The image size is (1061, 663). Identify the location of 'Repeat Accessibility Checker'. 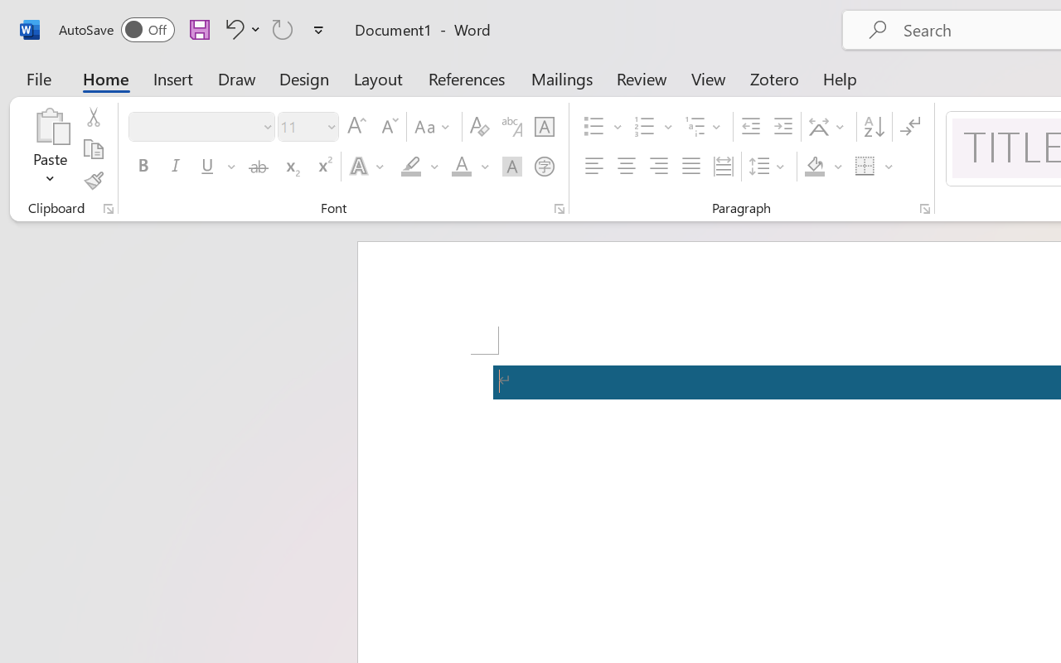
(283, 28).